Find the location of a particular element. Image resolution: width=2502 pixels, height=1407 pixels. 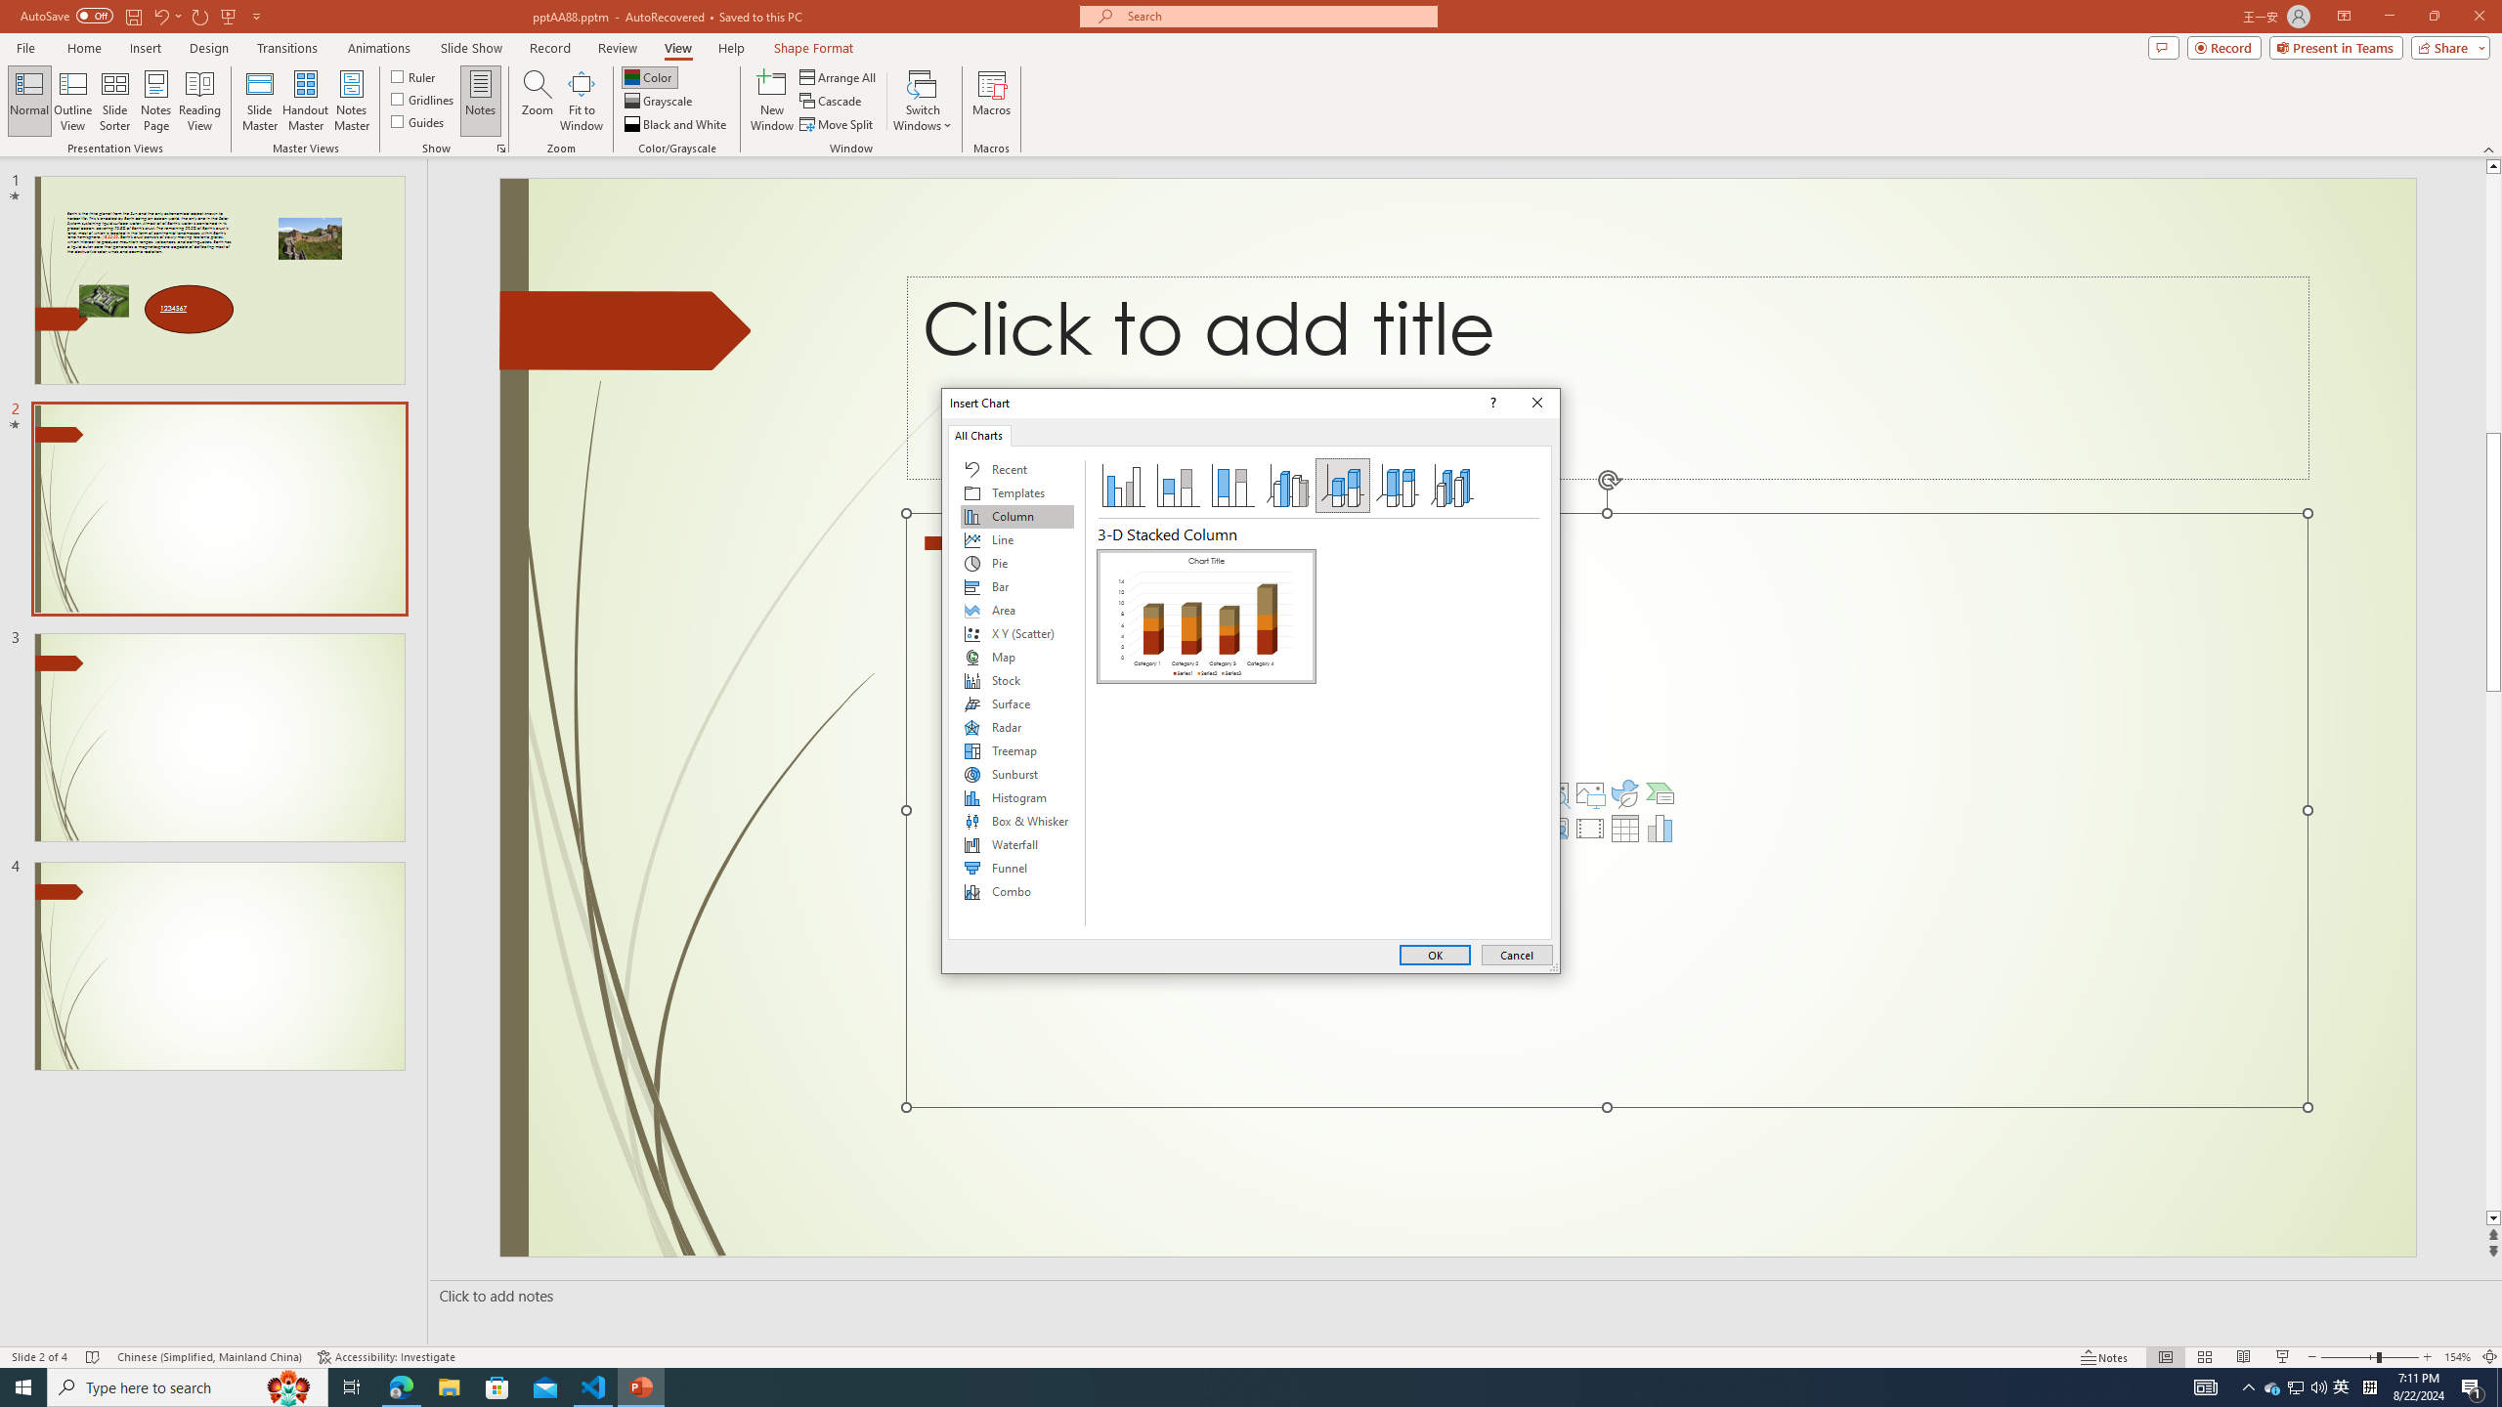

'Handout Master' is located at coordinates (304, 101).